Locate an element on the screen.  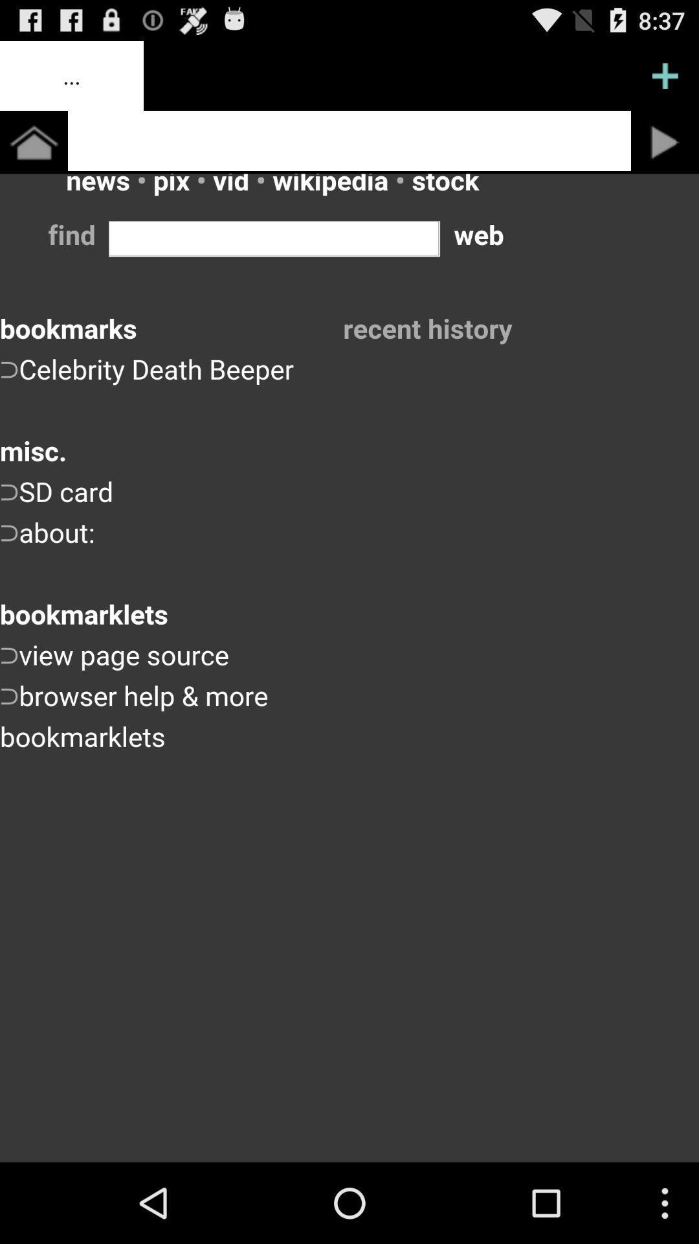
start search is located at coordinates (665, 142).